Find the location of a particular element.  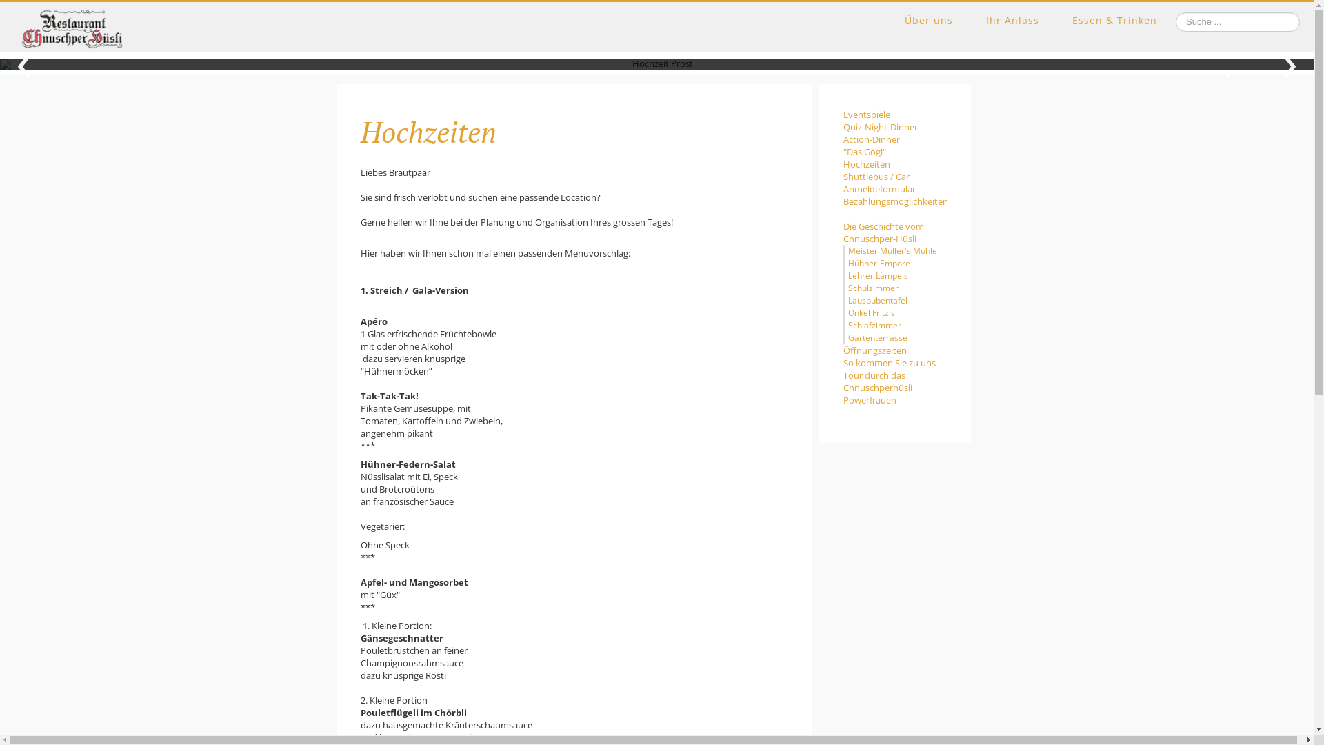

'Shuttlebus / Car' is located at coordinates (894, 175).